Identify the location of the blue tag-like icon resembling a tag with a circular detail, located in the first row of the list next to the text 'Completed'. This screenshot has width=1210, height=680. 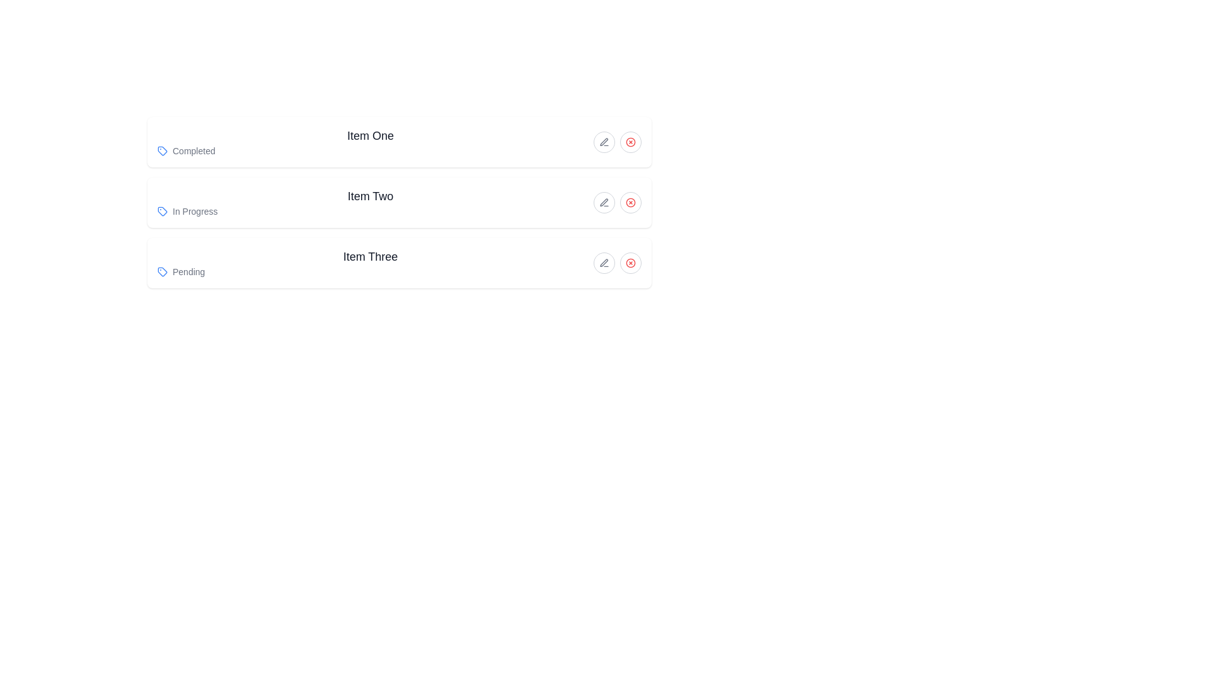
(162, 150).